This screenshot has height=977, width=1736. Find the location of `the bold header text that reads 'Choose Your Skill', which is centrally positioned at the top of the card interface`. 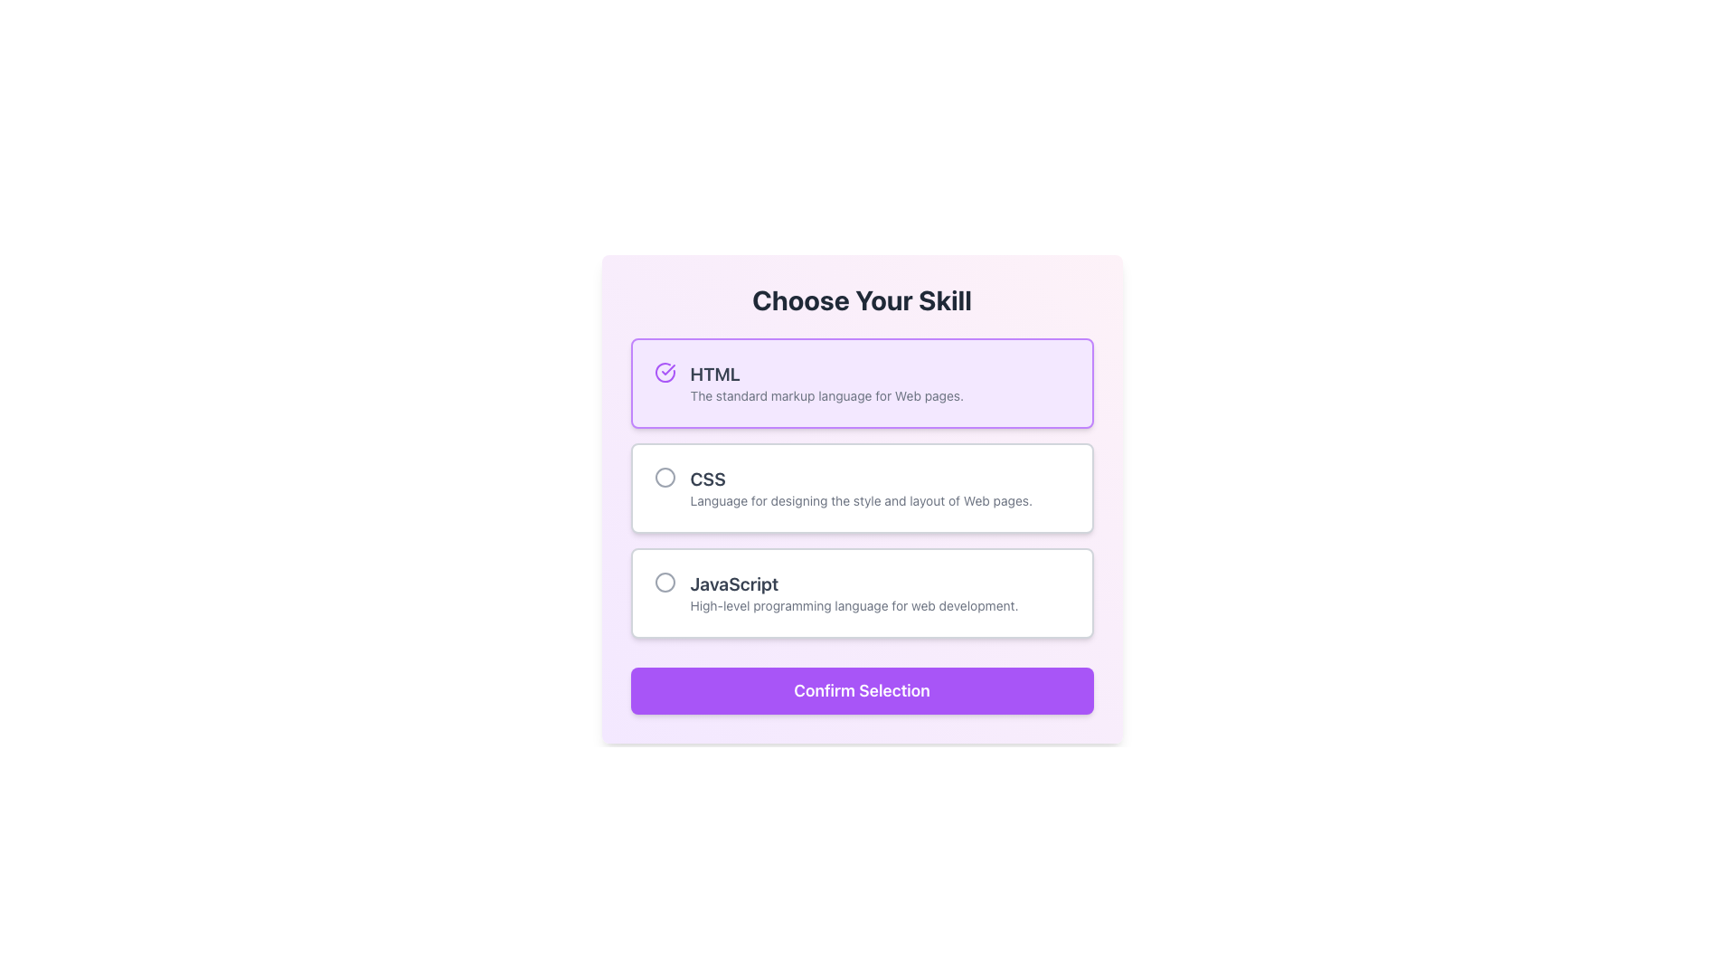

the bold header text that reads 'Choose Your Skill', which is centrally positioned at the top of the card interface is located at coordinates (861, 299).